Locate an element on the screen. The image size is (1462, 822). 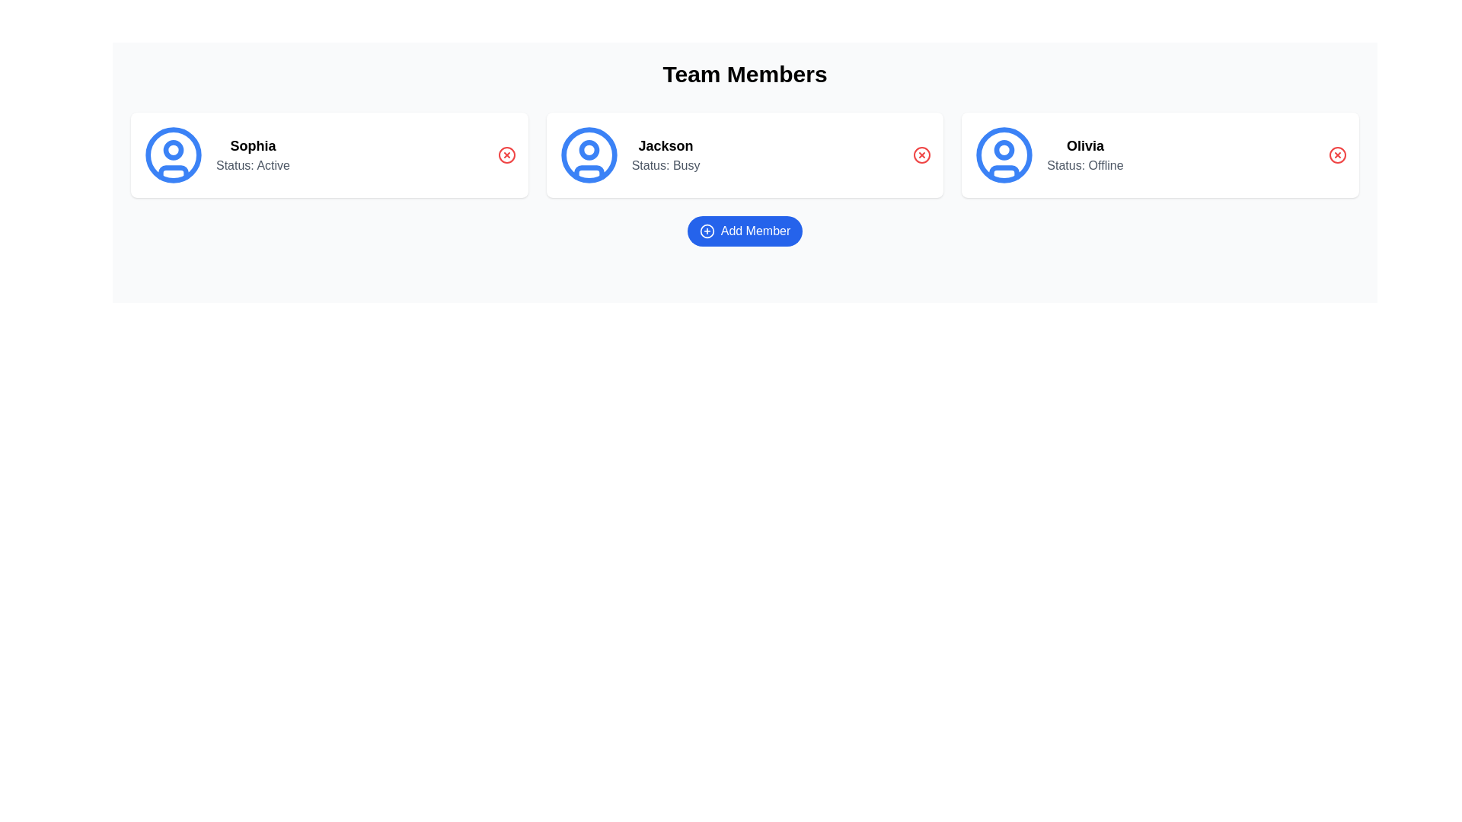
text label displaying 'Jackson' and 'Status: Busy' located in the center card of the 'Team Members' section is located at coordinates (666, 155).